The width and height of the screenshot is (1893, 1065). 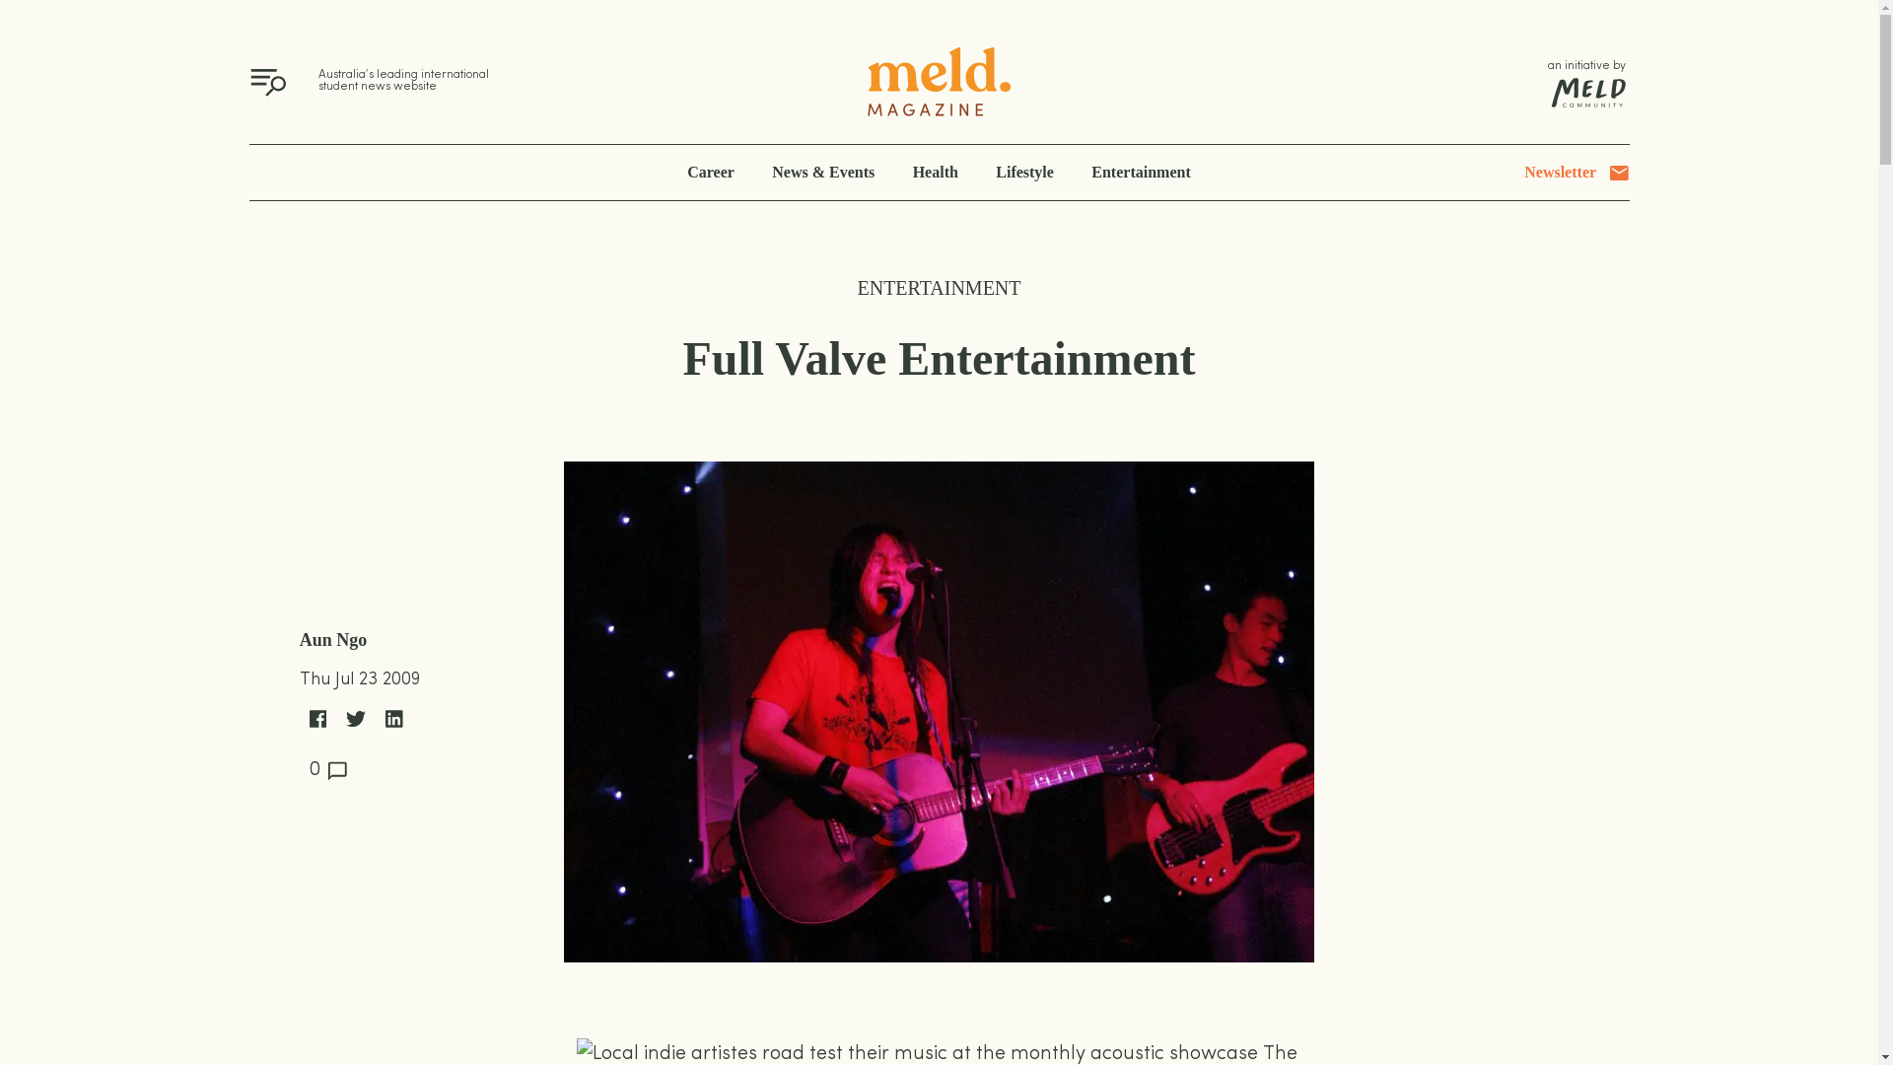 I want to click on 'News & Events', so click(x=770, y=171).